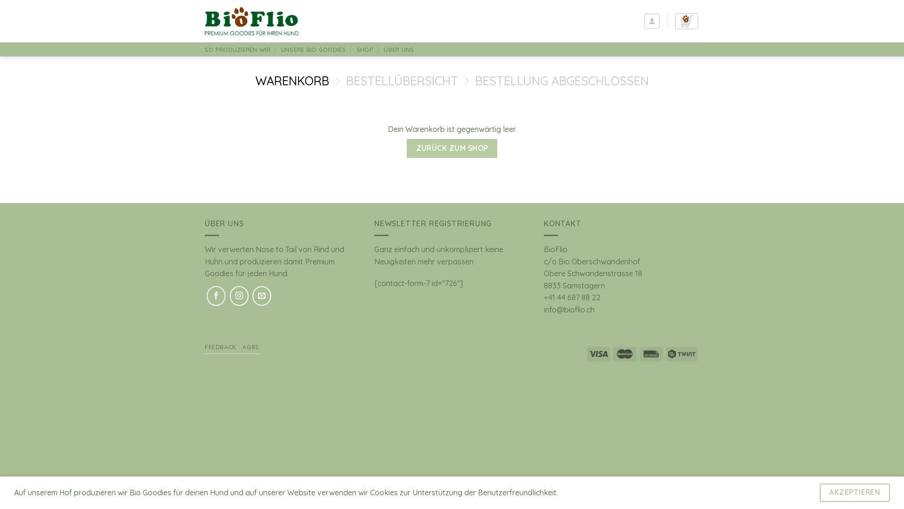  Describe the element at coordinates (251, 21) in the screenshot. I see `'BioFlio - BioGoodies direkt vom Hof'` at that location.